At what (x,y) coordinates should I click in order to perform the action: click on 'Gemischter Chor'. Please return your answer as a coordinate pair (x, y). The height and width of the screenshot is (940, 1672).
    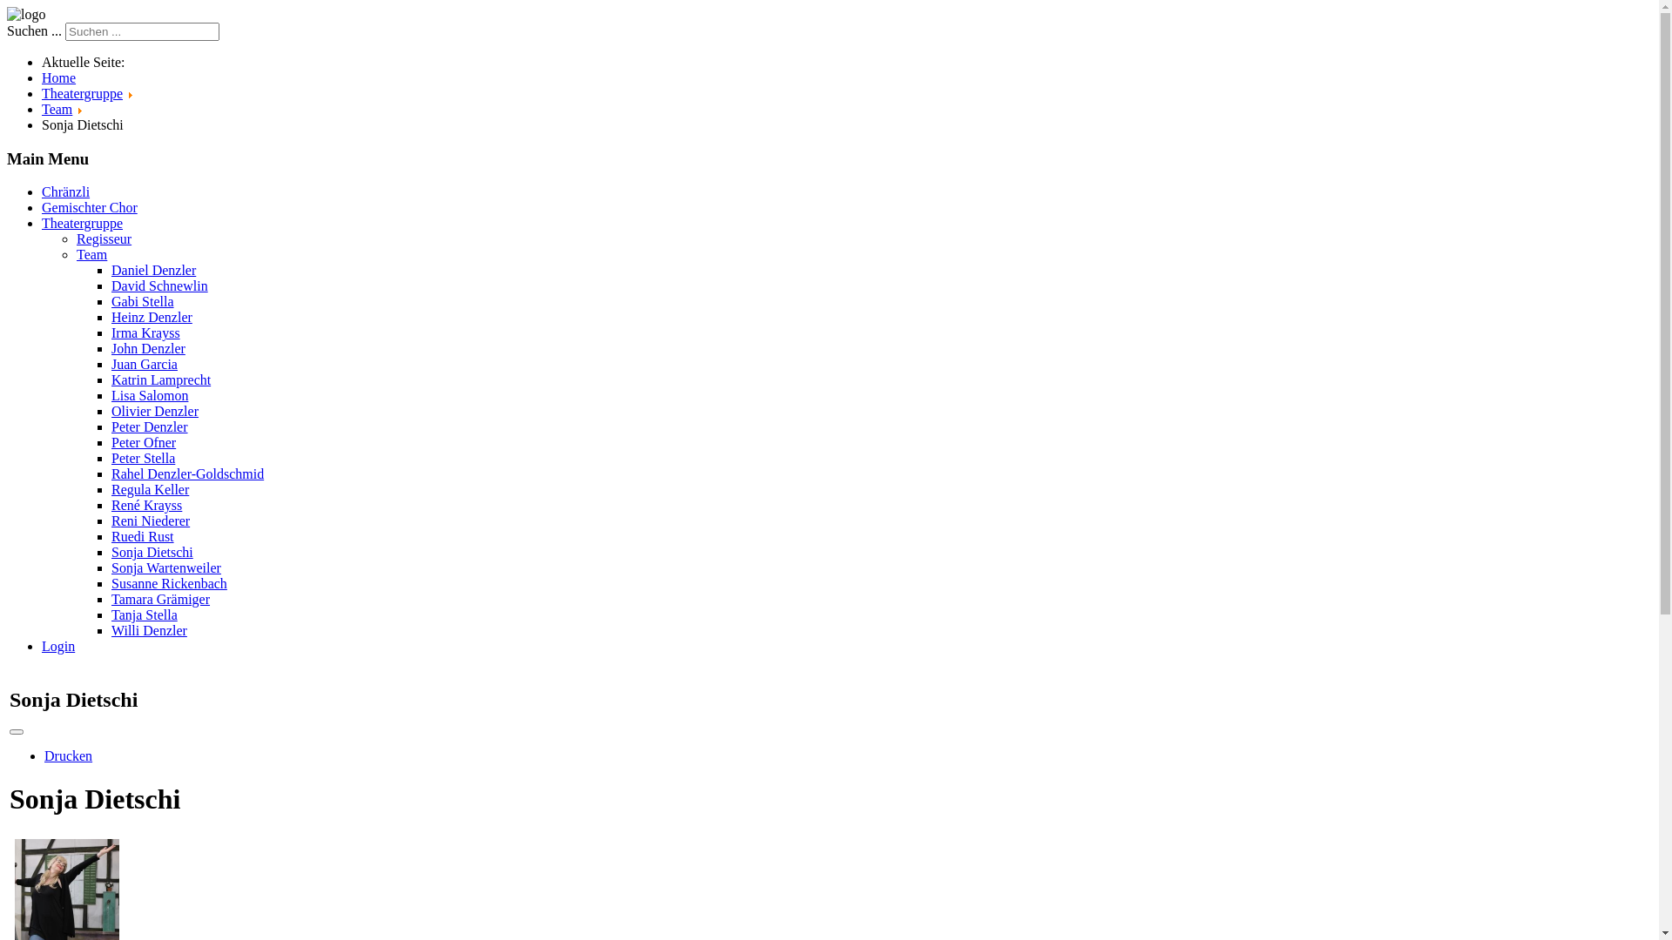
    Looking at the image, I should click on (88, 206).